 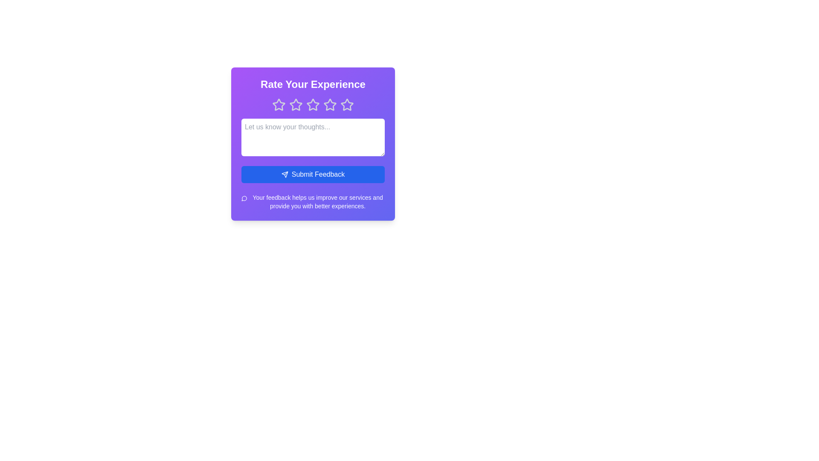 I want to click on the icon representing the 'Submit Feedback' button, which is located to the left of the text within the blue button on the purple feedback panel, so click(x=285, y=174).